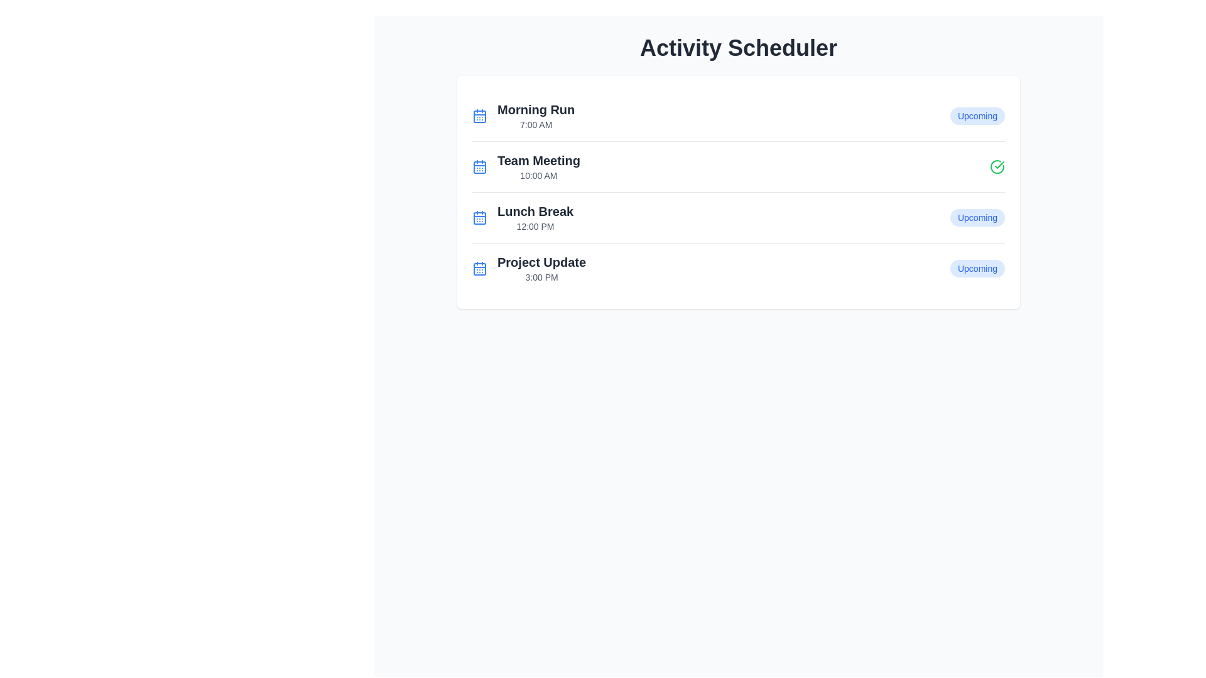 The image size is (1206, 678). Describe the element at coordinates (529, 268) in the screenshot. I see `the fourth item in the vertical list of scheduled activities in the activity scheduler panel` at that location.